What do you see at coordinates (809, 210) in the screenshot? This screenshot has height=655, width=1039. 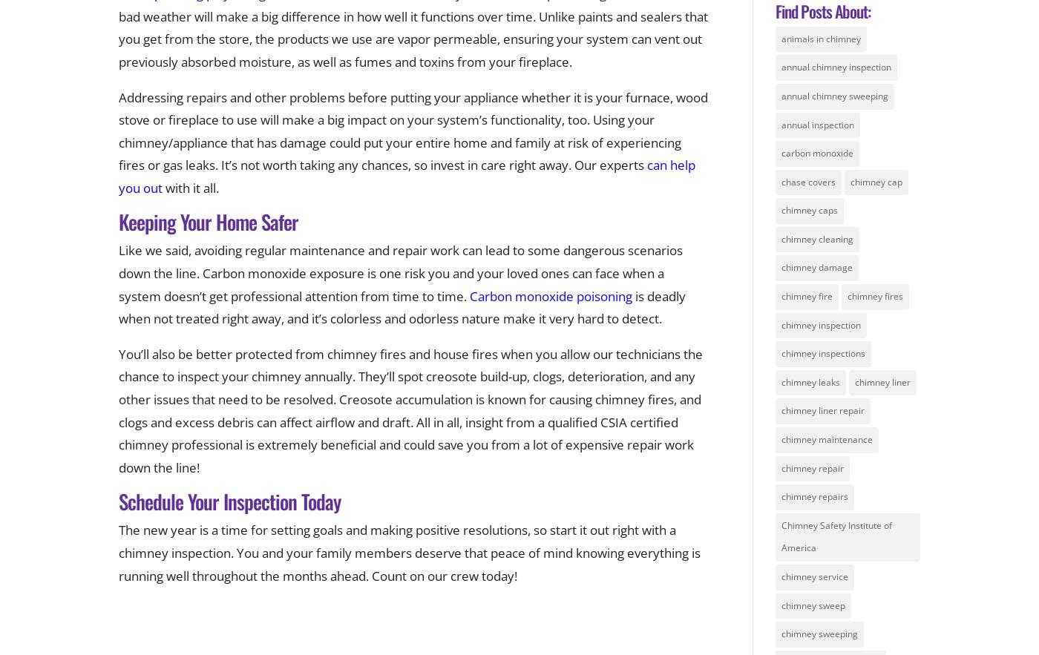 I see `'chimney caps'` at bounding box center [809, 210].